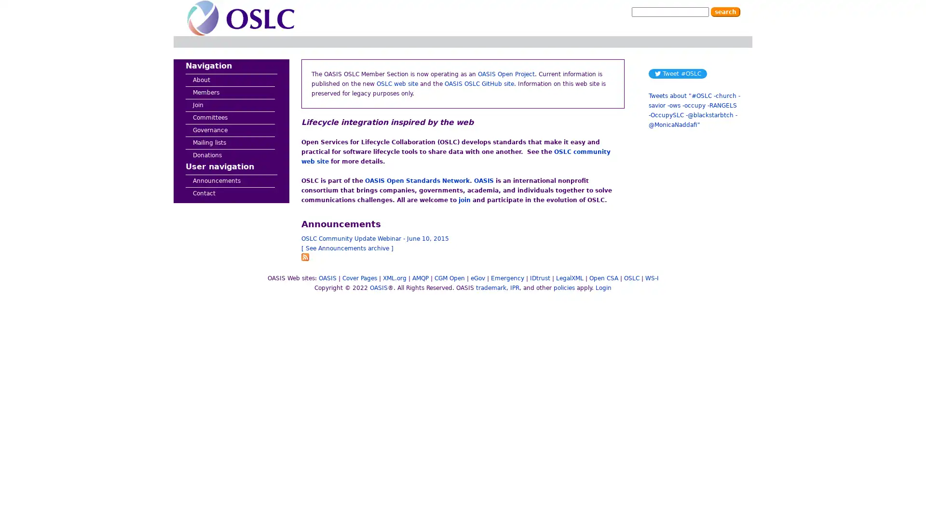  I want to click on Search, so click(725, 12).